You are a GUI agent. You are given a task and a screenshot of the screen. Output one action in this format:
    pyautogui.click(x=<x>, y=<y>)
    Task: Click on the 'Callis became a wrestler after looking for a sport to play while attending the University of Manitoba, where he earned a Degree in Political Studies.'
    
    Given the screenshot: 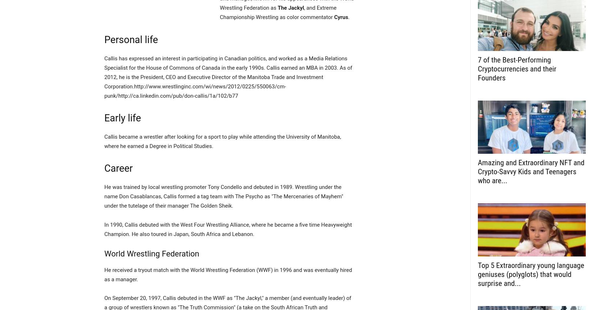 What is the action you would take?
    pyautogui.click(x=222, y=141)
    